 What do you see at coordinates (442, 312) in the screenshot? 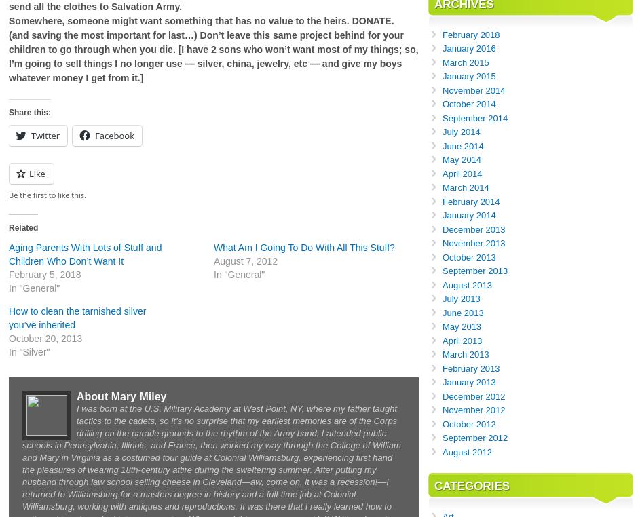
I see `'June 2013'` at bounding box center [442, 312].